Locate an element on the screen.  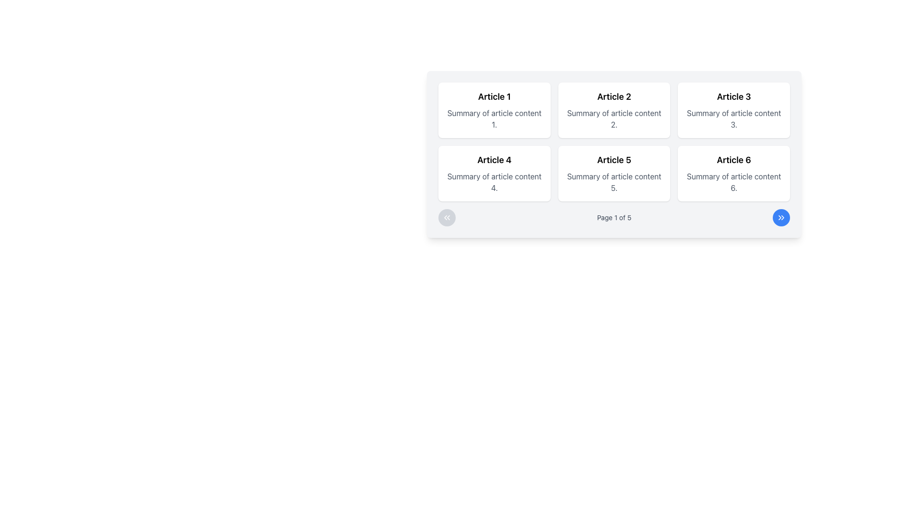
the summary description text for the article titled 'Article 3', which is located within the third card in the top row of a grid layout, directly below the heading 'Article 3' is located at coordinates (733, 118).